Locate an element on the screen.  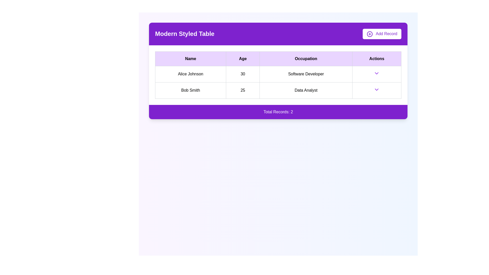
the bold, large-font text label 'Modern Styled Table' displayed on a purple background bar, located near the center of the left side of the header bar is located at coordinates (184, 34).